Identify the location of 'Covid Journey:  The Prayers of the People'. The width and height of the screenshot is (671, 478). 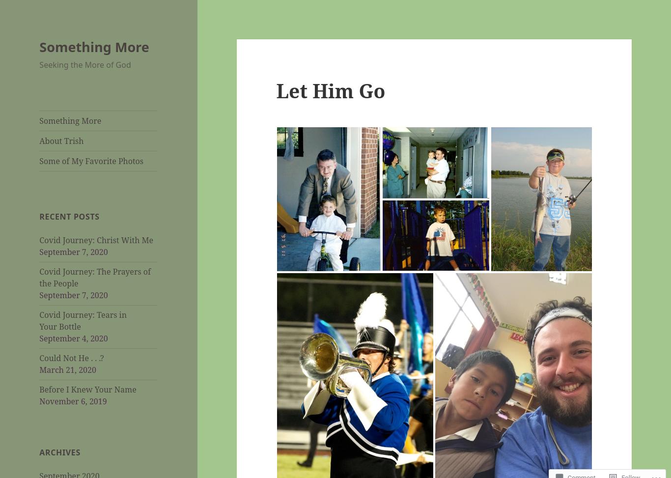
(94, 278).